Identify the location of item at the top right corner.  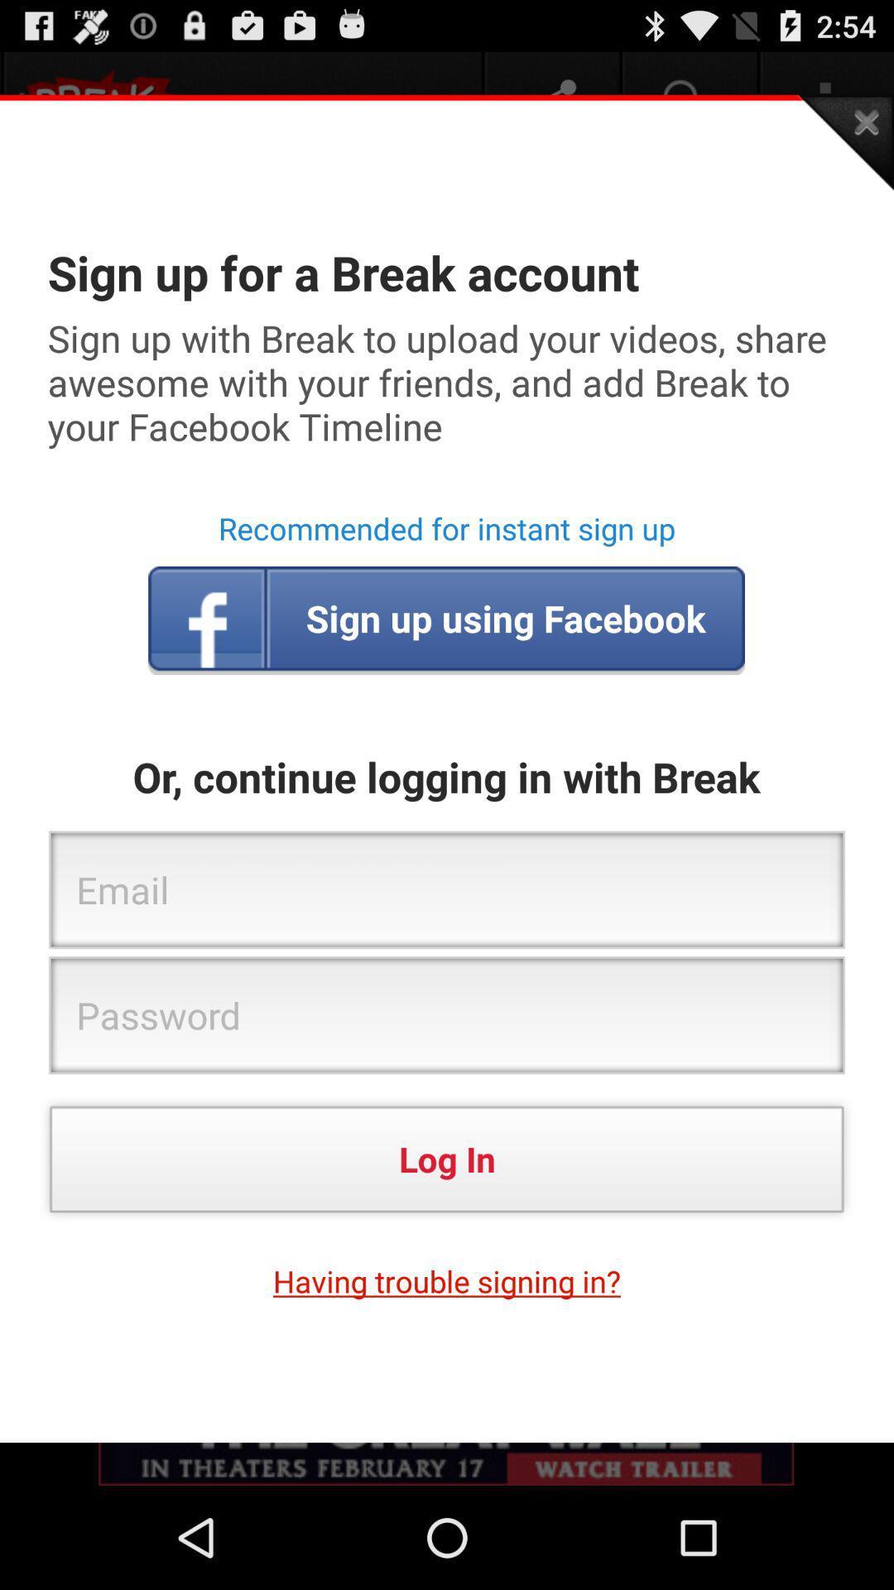
(844, 142).